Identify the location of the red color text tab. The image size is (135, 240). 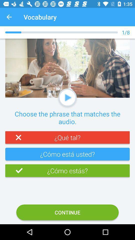
(67, 139).